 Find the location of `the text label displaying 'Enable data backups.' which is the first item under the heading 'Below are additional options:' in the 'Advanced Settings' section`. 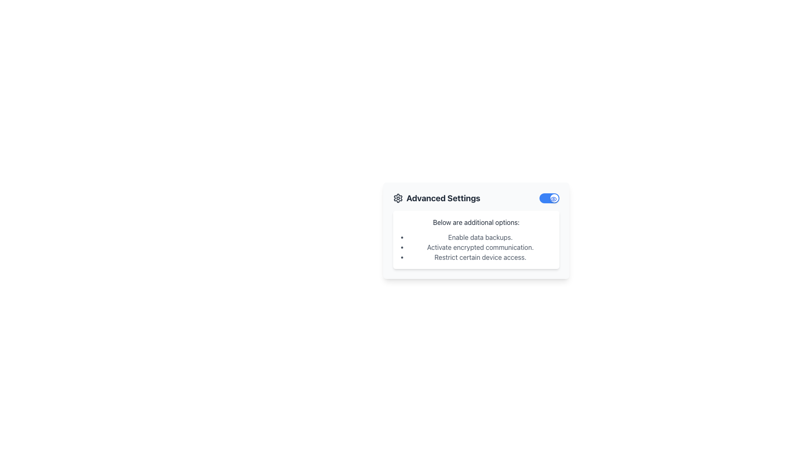

the text label displaying 'Enable data backups.' which is the first item under the heading 'Below are additional options:' in the 'Advanced Settings' section is located at coordinates (480, 237).